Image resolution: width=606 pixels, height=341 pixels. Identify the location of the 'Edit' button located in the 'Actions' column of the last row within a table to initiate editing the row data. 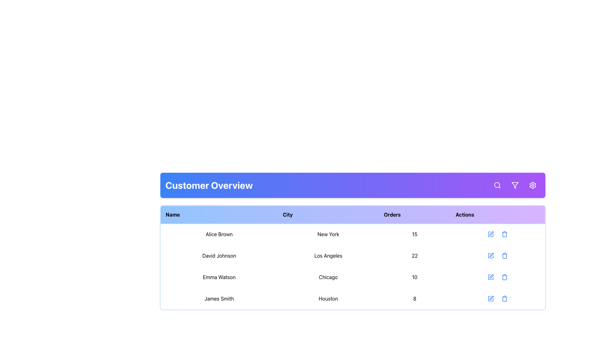
(490, 298).